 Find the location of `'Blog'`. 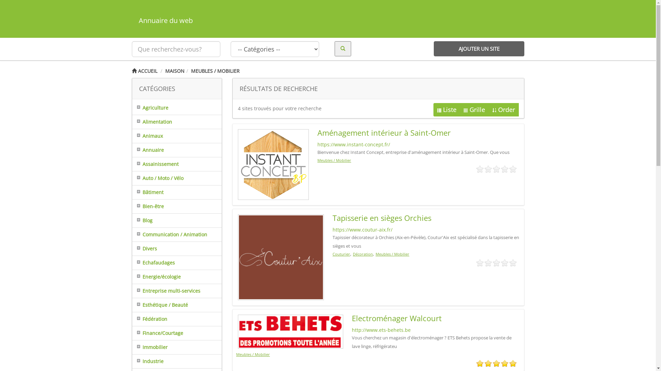

'Blog' is located at coordinates (142, 220).